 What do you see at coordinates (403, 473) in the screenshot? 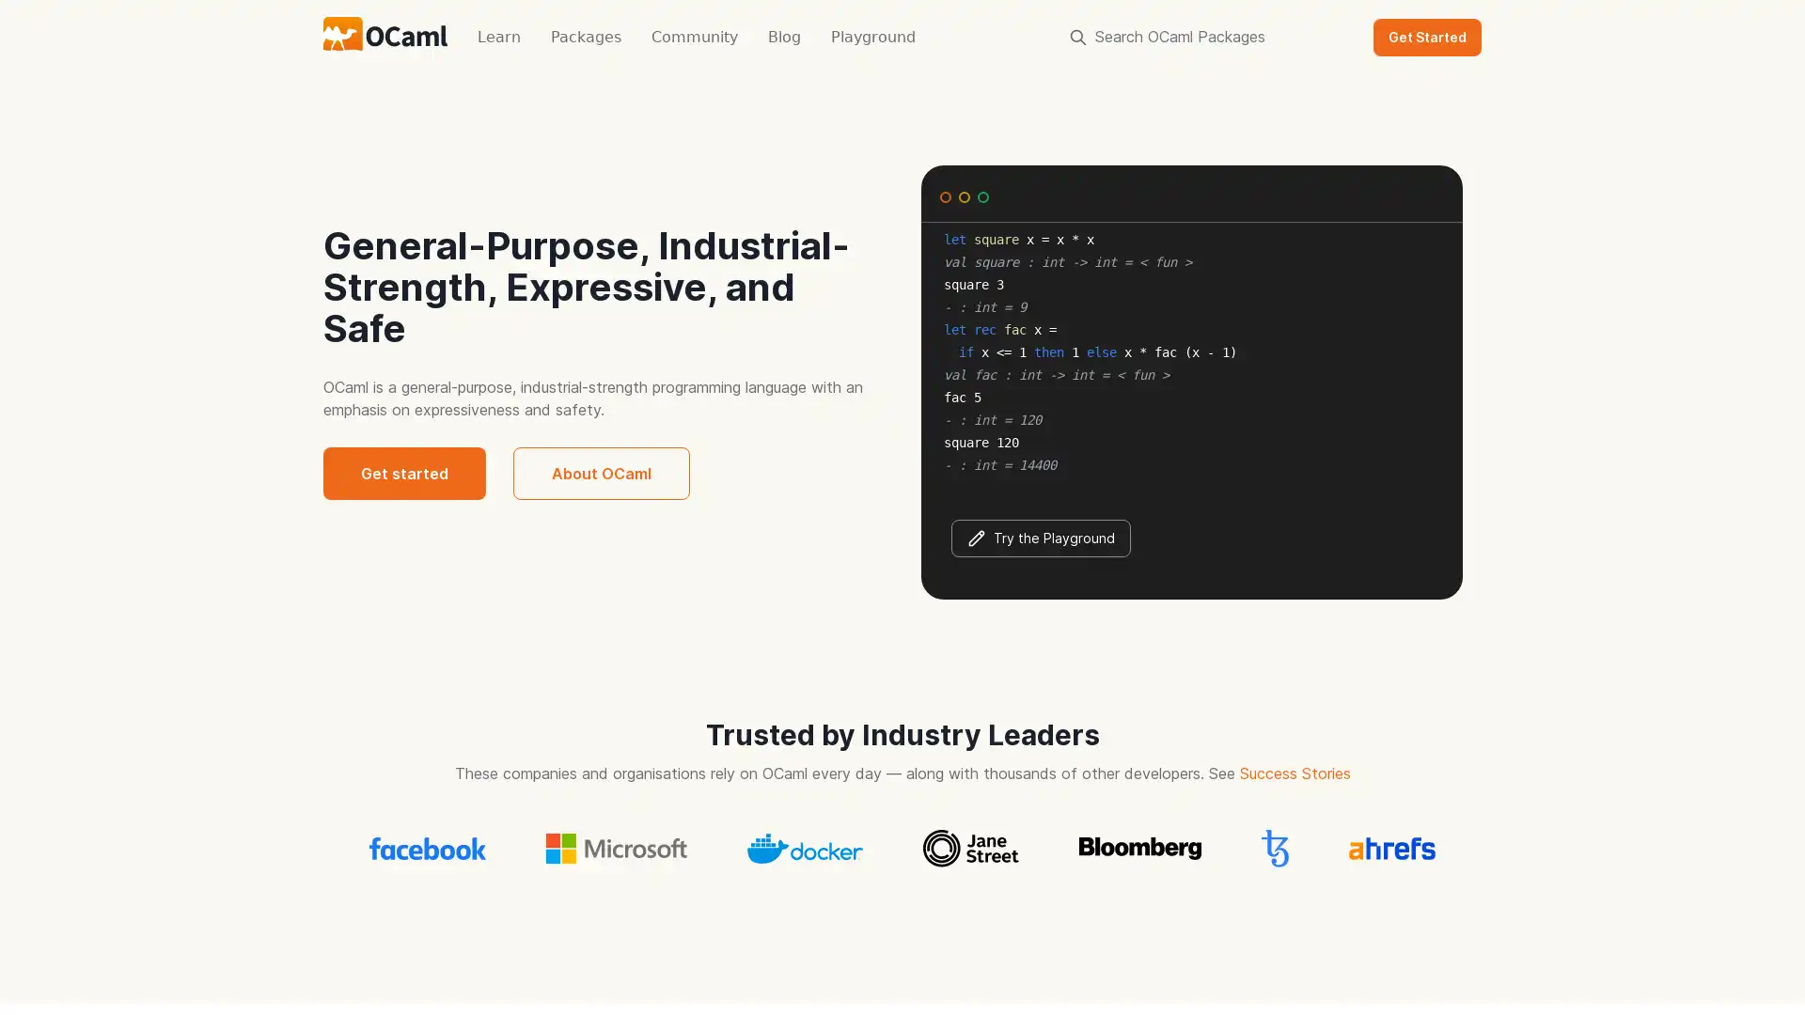
I see `Get started` at bounding box center [403, 473].